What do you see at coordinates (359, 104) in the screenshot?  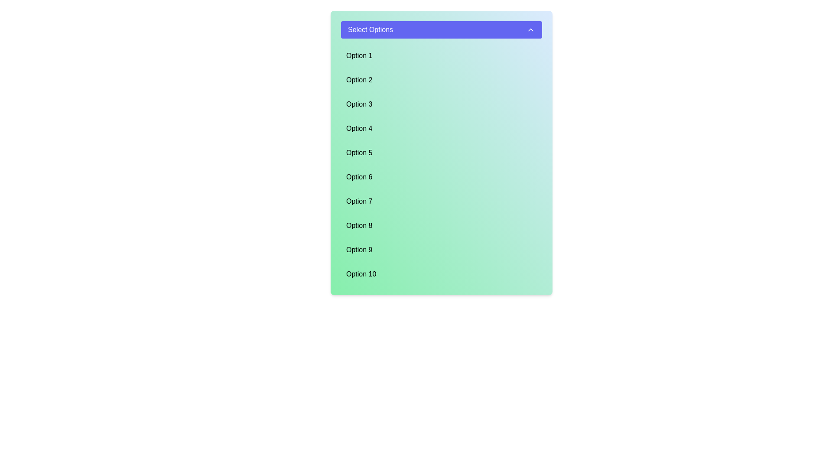 I see `the text labeled 'Option 3' in the vertical dropdown menu` at bounding box center [359, 104].